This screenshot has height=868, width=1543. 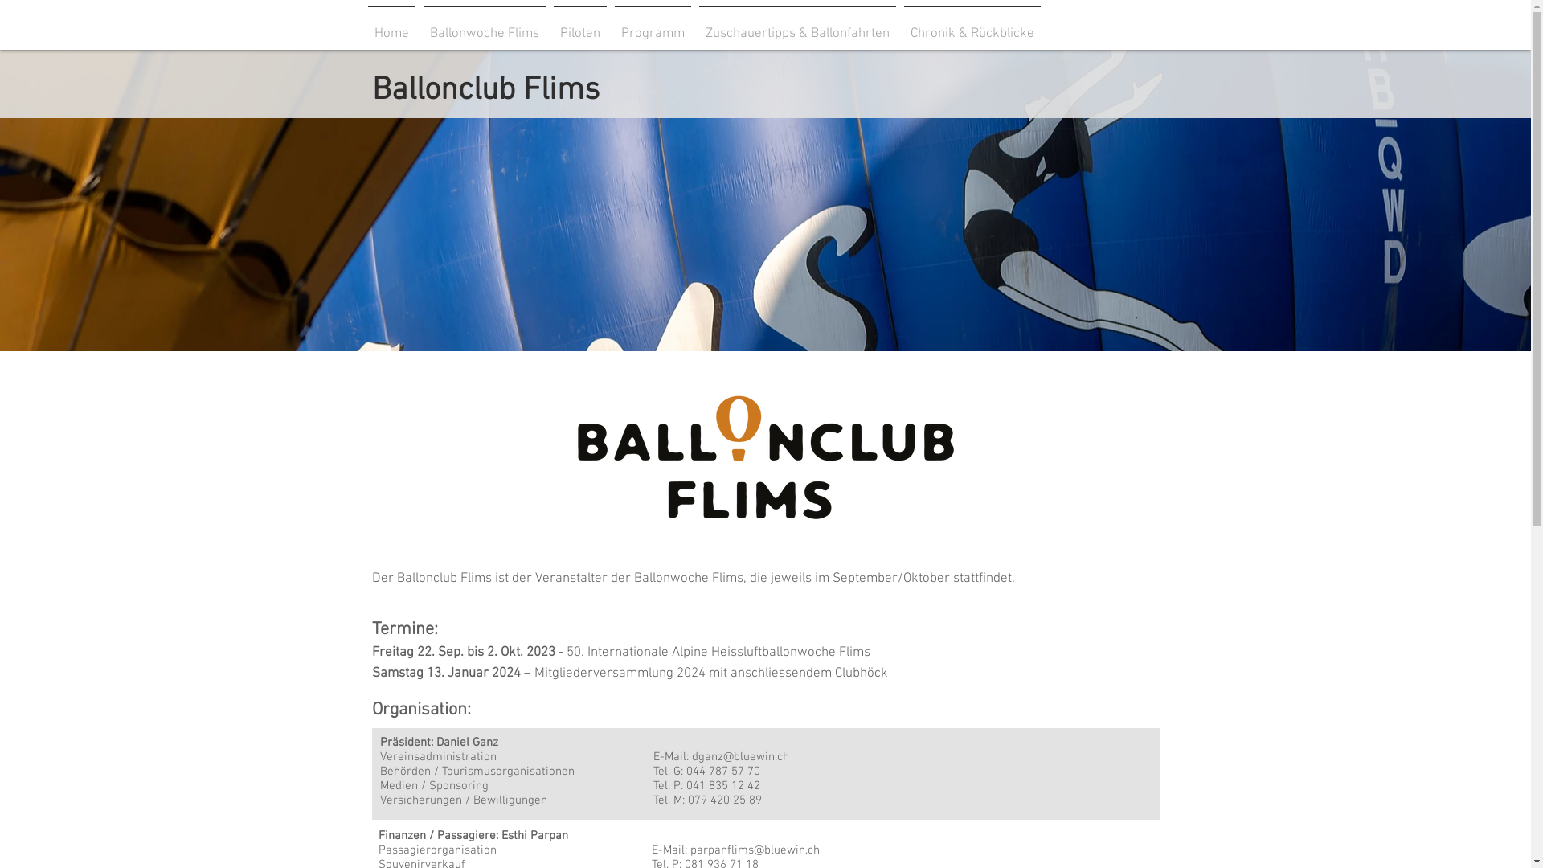 What do you see at coordinates (484, 27) in the screenshot?
I see `'Ballonwoche Flims'` at bounding box center [484, 27].